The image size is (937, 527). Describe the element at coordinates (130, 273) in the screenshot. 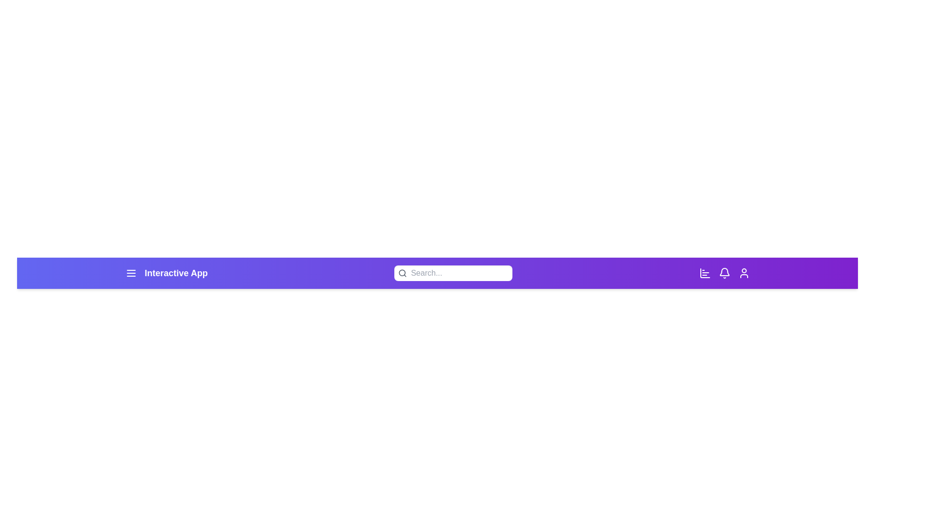

I see `the menu icon to open the navigation drawer` at that location.